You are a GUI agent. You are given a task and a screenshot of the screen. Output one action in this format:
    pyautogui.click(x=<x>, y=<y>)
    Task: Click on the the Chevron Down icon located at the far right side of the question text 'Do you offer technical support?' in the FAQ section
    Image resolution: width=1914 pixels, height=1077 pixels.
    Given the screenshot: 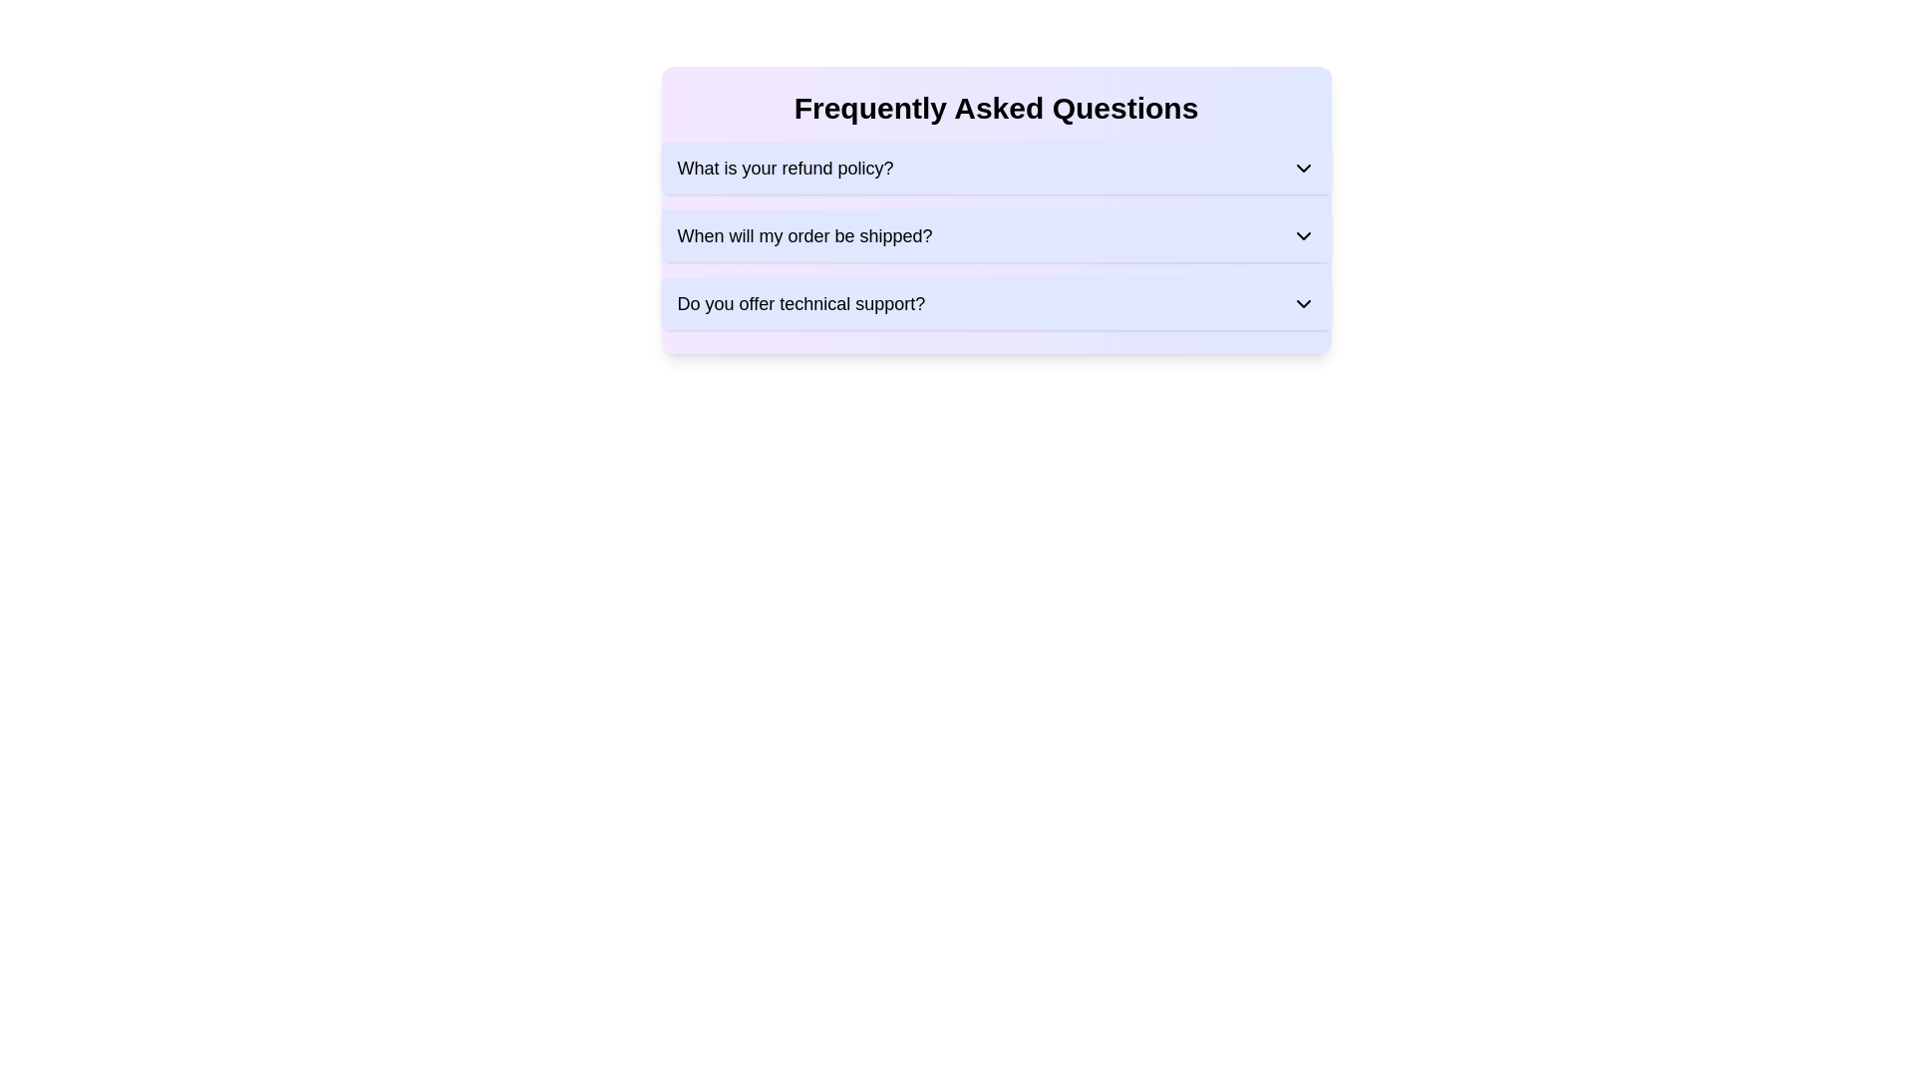 What is the action you would take?
    pyautogui.click(x=1303, y=303)
    